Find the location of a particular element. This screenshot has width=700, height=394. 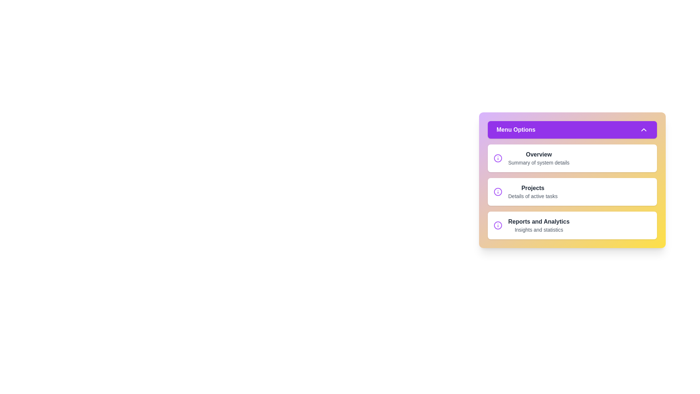

the information icon next to Reports and Analytics in the menu is located at coordinates (498, 225).